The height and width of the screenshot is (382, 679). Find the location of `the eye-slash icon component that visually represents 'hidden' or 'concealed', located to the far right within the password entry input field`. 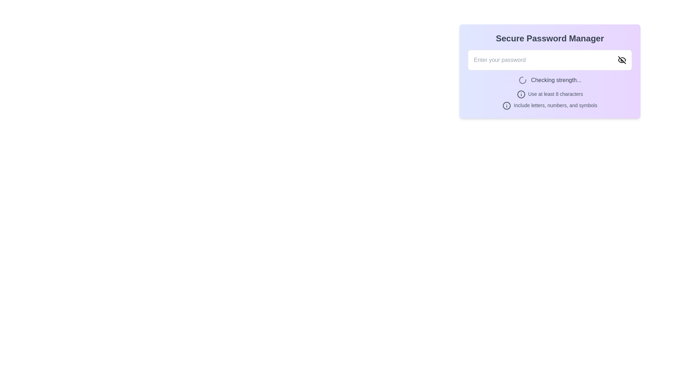

the eye-slash icon component that visually represents 'hidden' or 'concealed', located to the far right within the password entry input field is located at coordinates (621, 59).